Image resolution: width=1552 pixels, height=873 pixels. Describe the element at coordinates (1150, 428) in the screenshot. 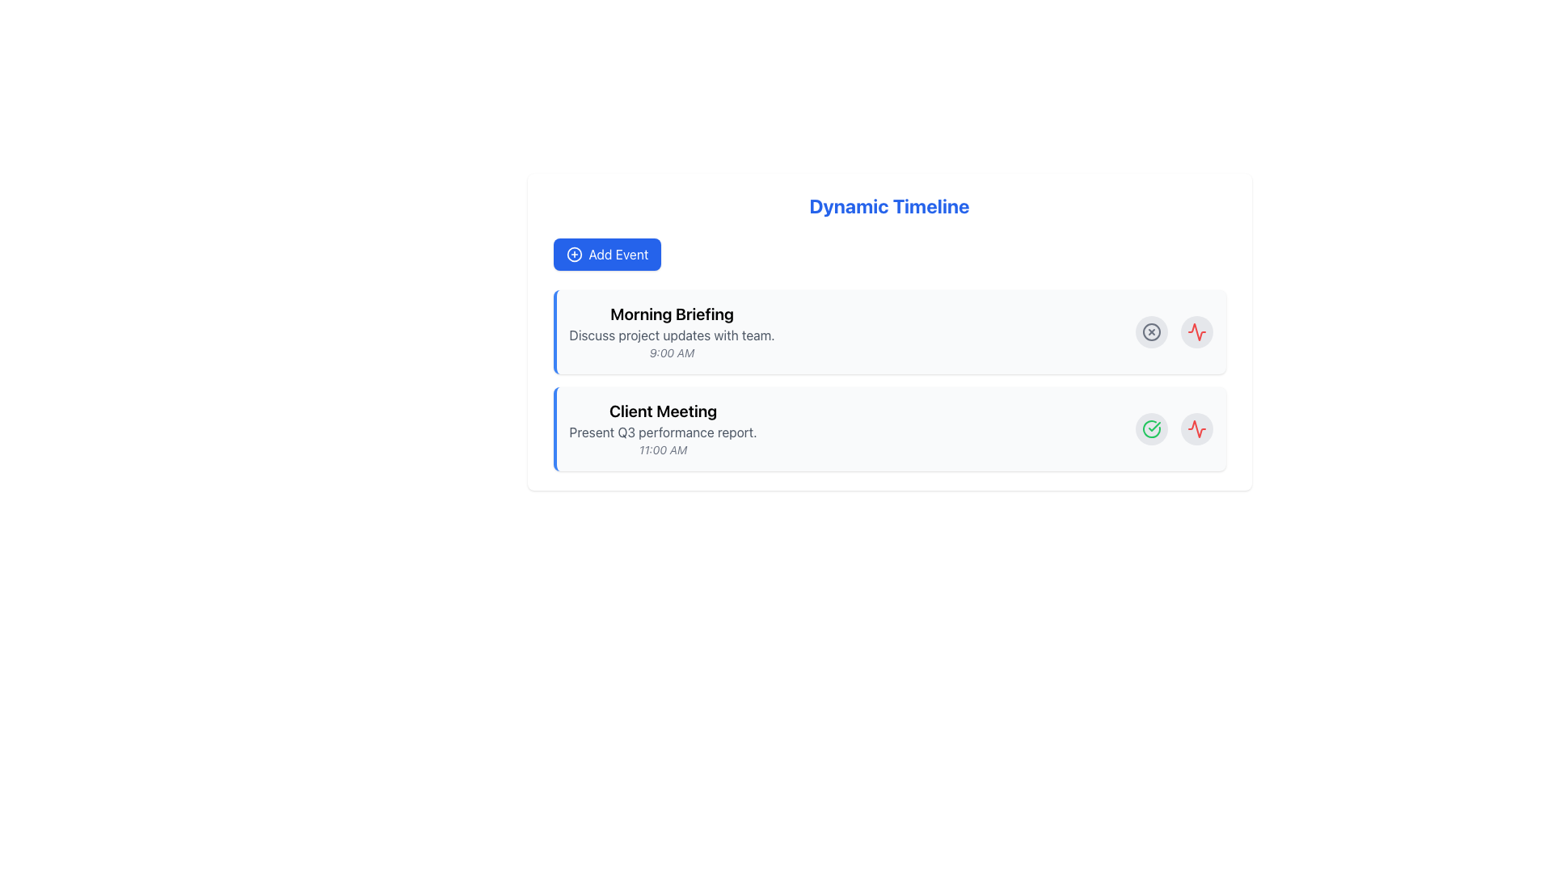

I see `the round button with a light gray background and a green check icon, positioned to the left of the red activity button within the bottom event card of the timeline interface` at that location.